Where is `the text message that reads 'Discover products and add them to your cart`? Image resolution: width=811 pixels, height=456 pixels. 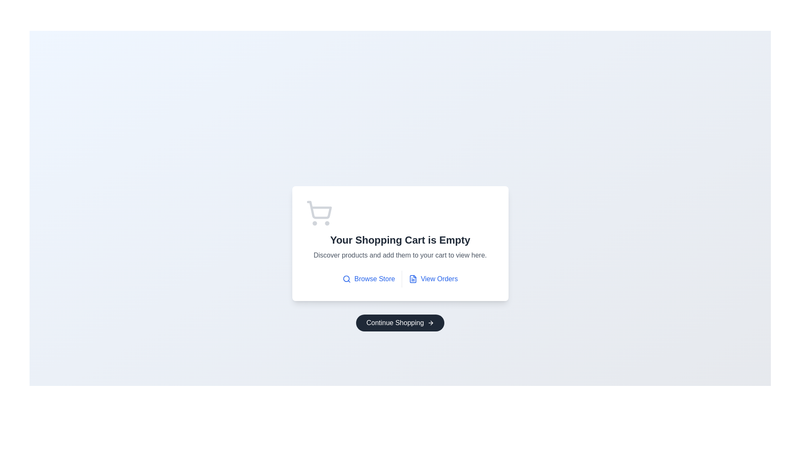 the text message that reads 'Discover products and add them to your cart is located at coordinates (400, 255).